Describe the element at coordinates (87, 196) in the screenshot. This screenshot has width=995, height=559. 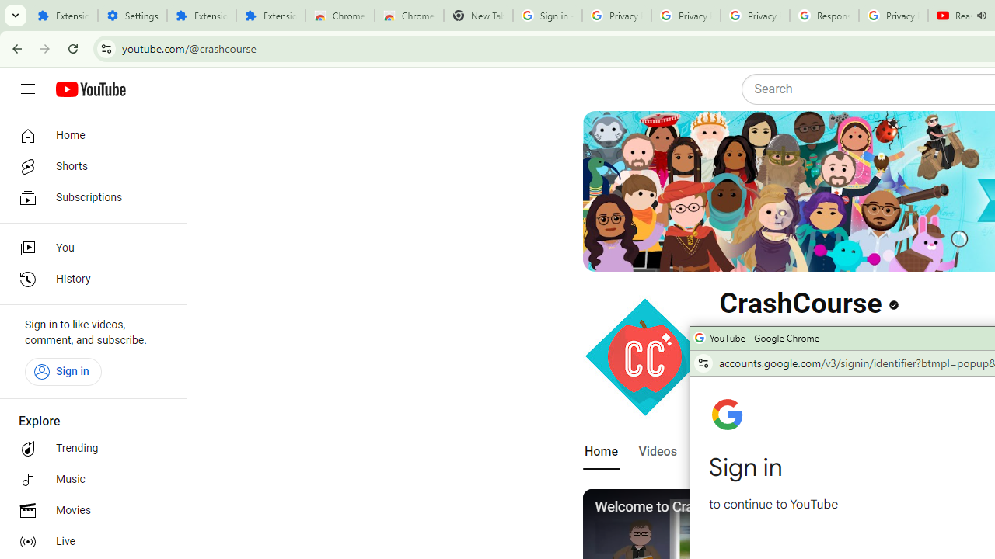
I see `'Subscriptions'` at that location.